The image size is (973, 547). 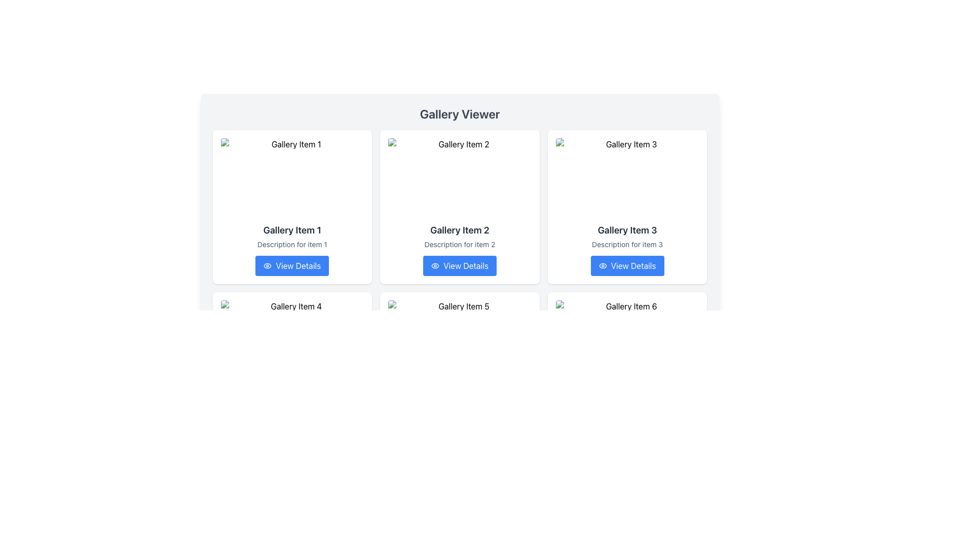 What do you see at coordinates (603, 265) in the screenshot?
I see `the icon that visually aids the 'View Details' button for the third gallery item, located to the left of the button text` at bounding box center [603, 265].